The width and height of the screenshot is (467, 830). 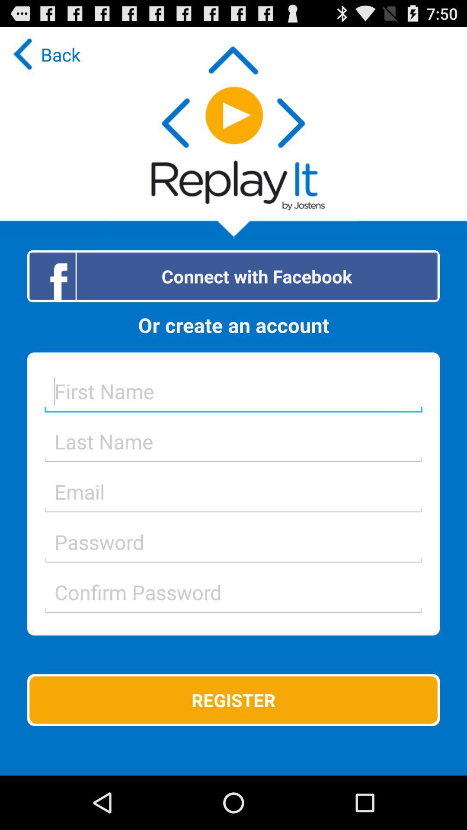 What do you see at coordinates (233, 591) in the screenshot?
I see `type password again` at bounding box center [233, 591].